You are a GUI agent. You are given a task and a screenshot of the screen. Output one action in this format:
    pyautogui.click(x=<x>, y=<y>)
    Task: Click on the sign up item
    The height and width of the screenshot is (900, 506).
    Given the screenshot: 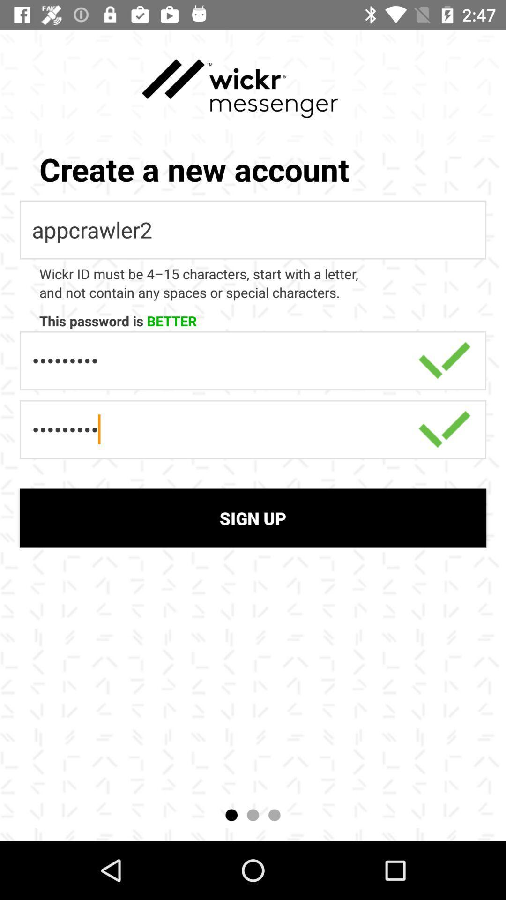 What is the action you would take?
    pyautogui.click(x=253, y=517)
    